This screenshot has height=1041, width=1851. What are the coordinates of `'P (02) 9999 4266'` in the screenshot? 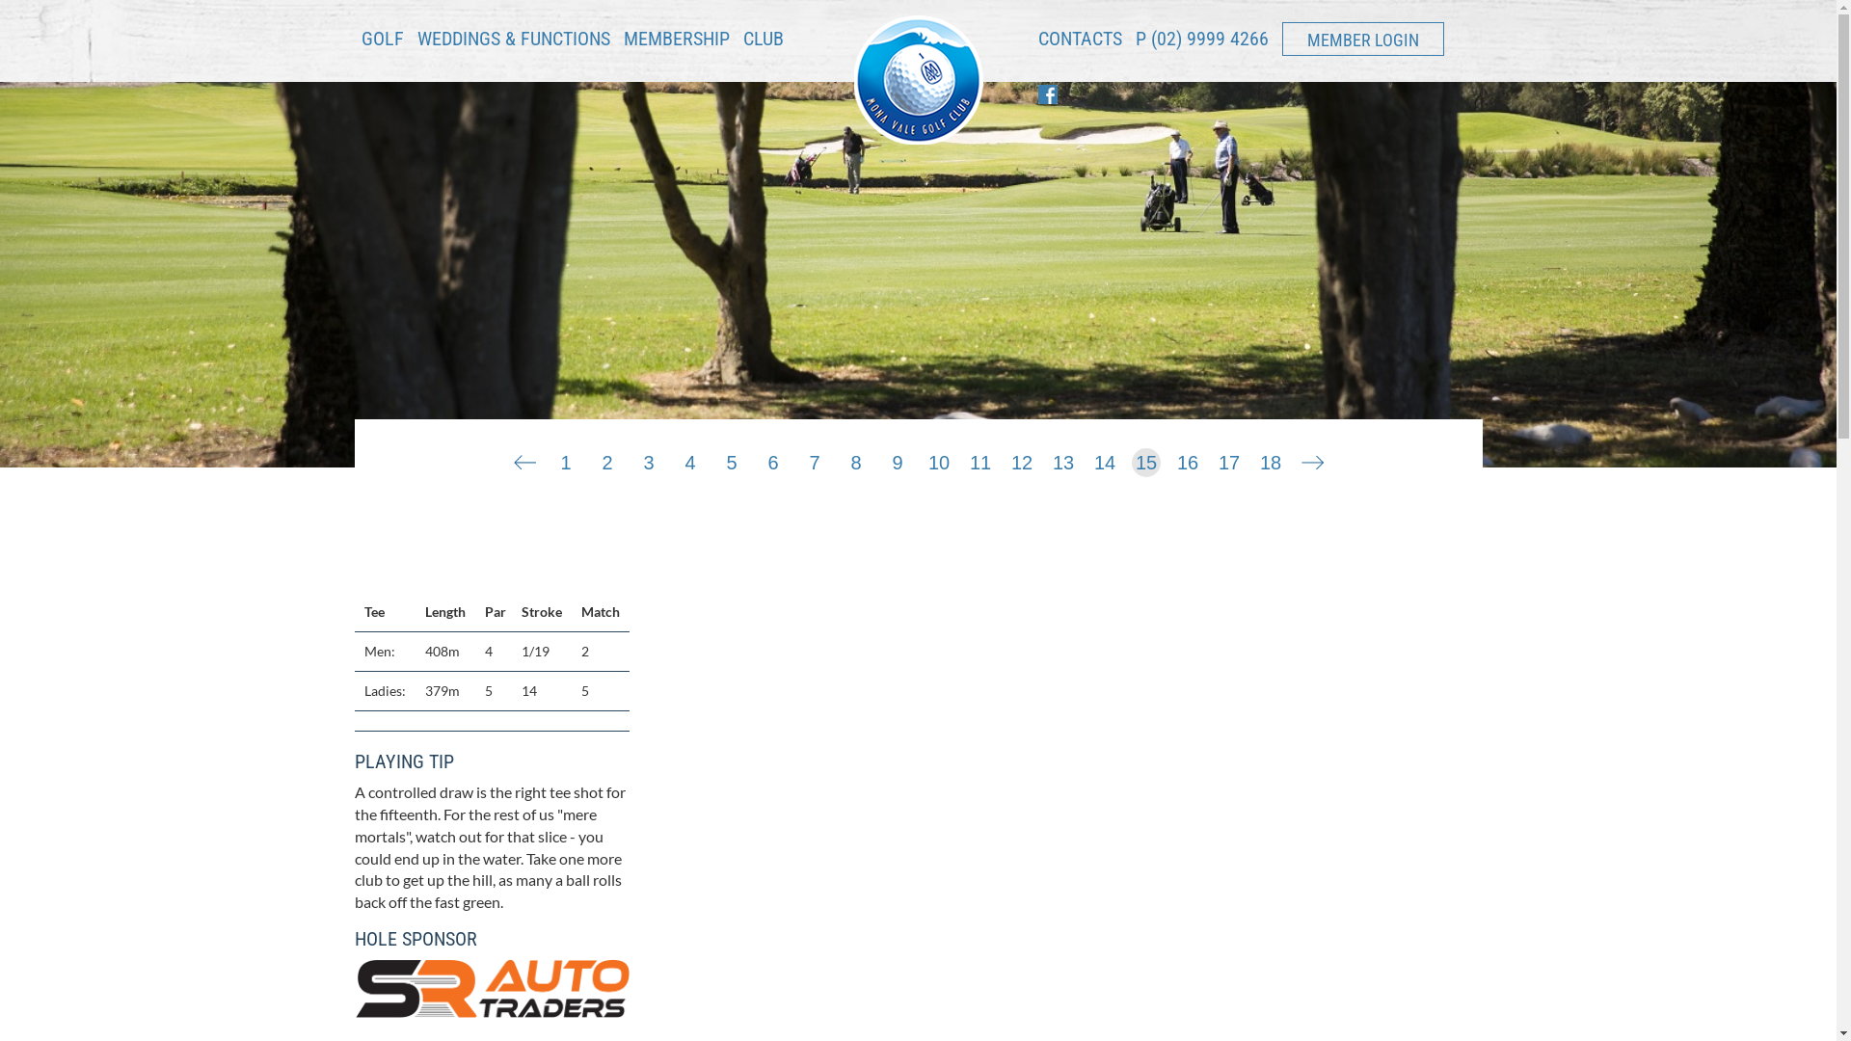 It's located at (1201, 38).